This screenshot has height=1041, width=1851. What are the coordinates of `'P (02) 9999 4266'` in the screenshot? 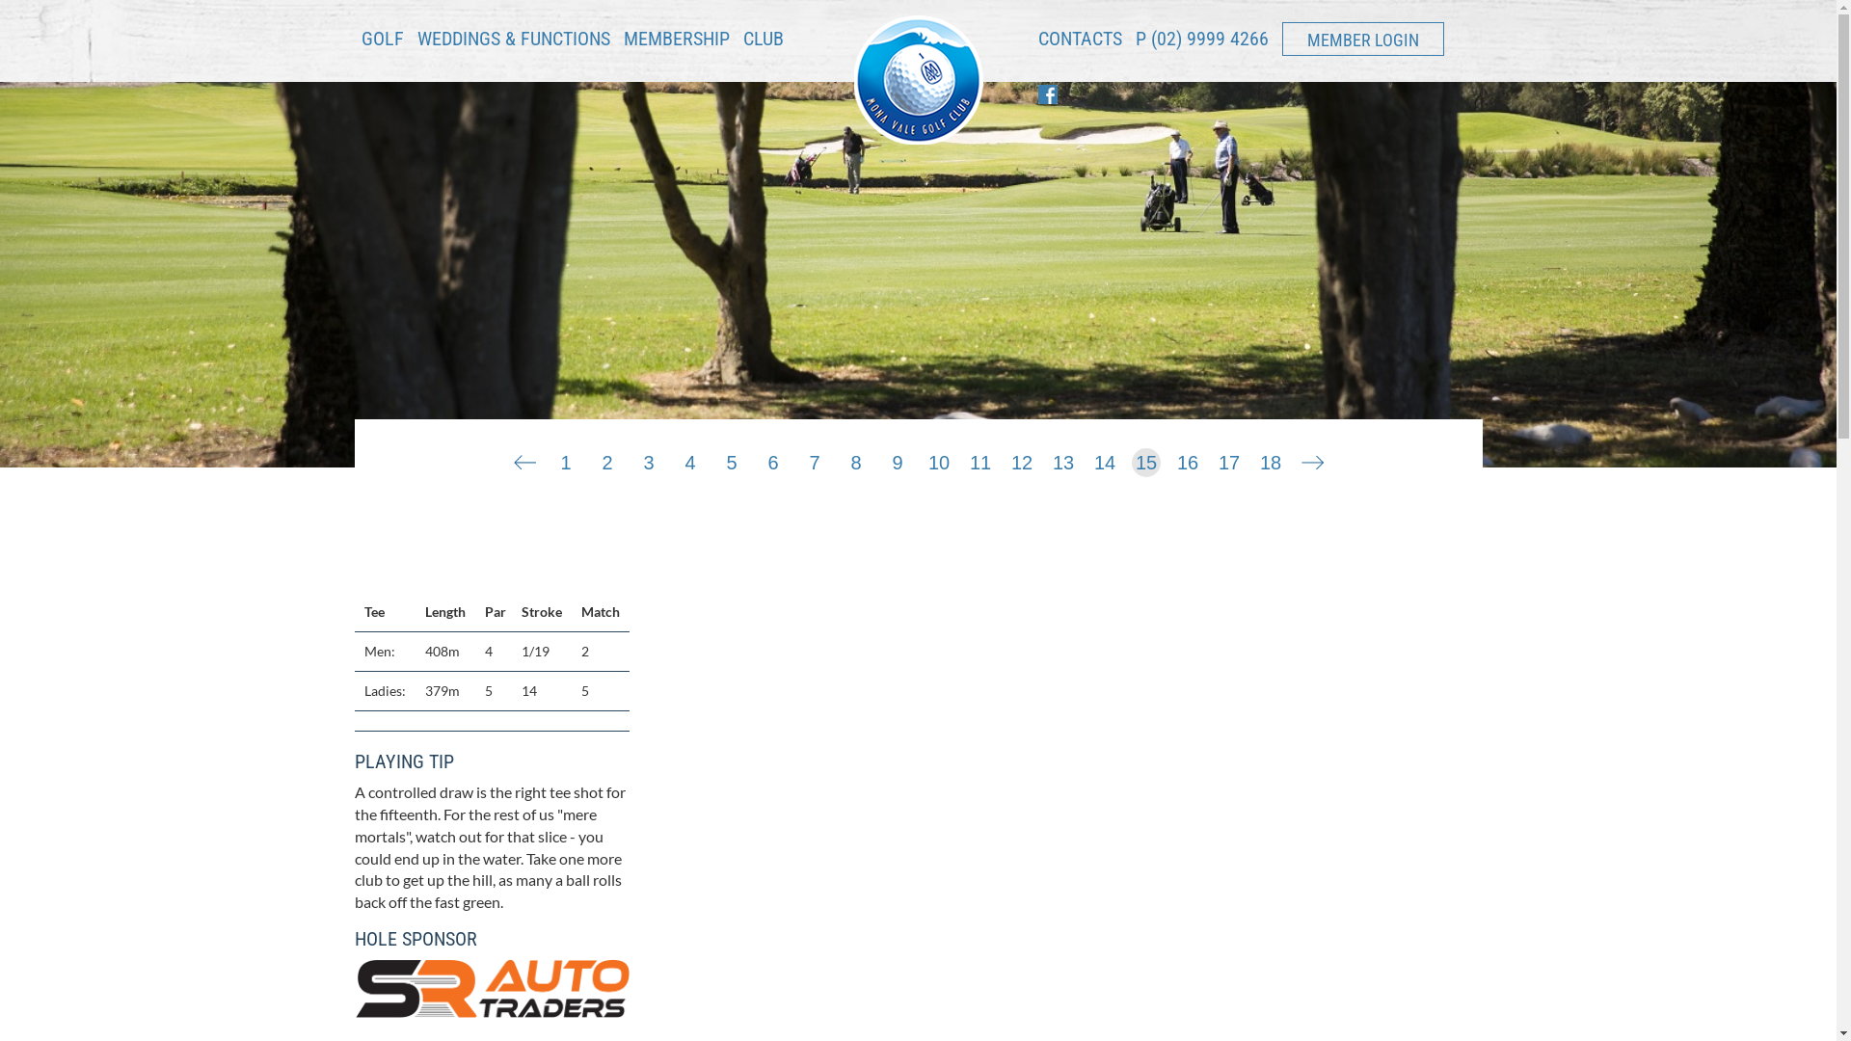 It's located at (1201, 38).